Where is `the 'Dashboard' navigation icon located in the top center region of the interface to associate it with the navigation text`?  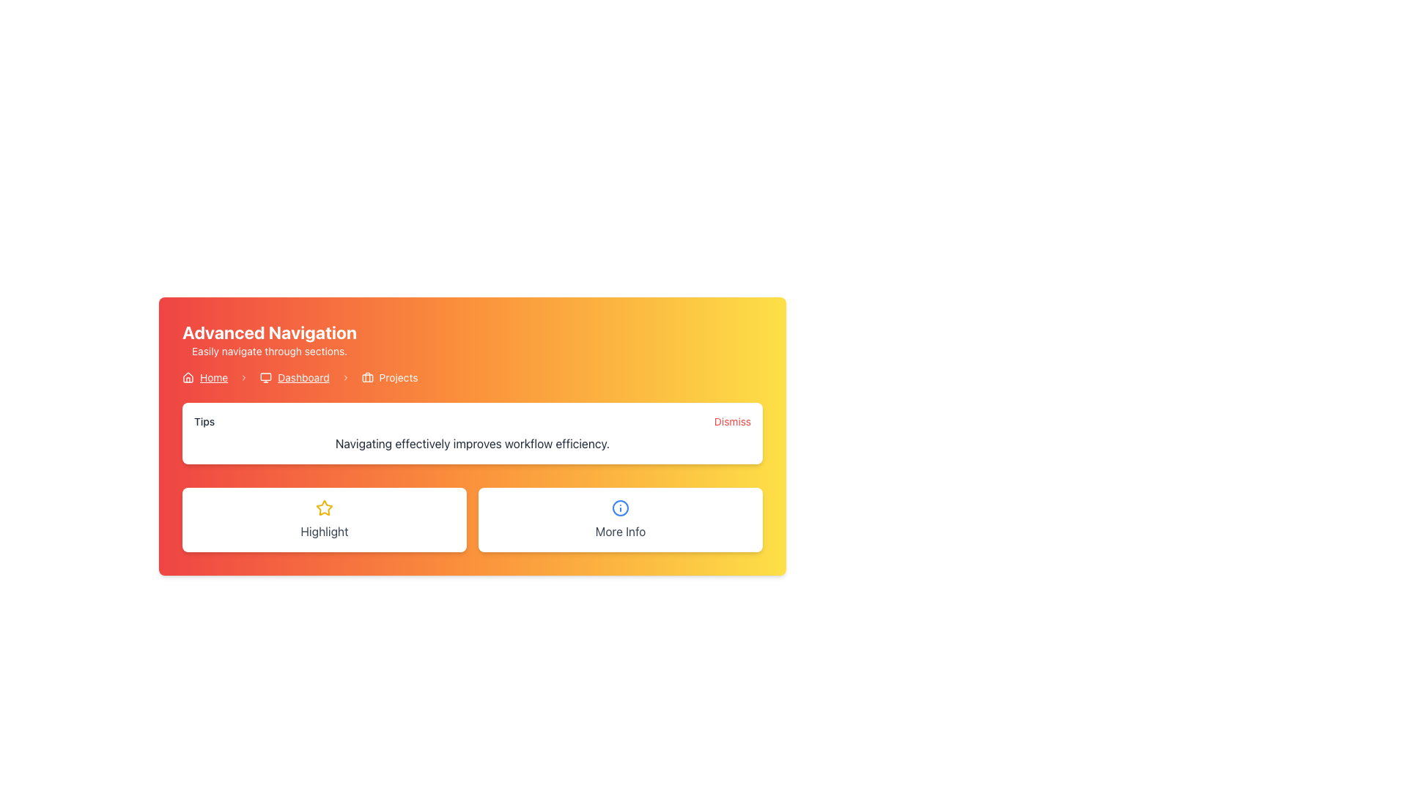
the 'Dashboard' navigation icon located in the top center region of the interface to associate it with the navigation text is located at coordinates (266, 377).